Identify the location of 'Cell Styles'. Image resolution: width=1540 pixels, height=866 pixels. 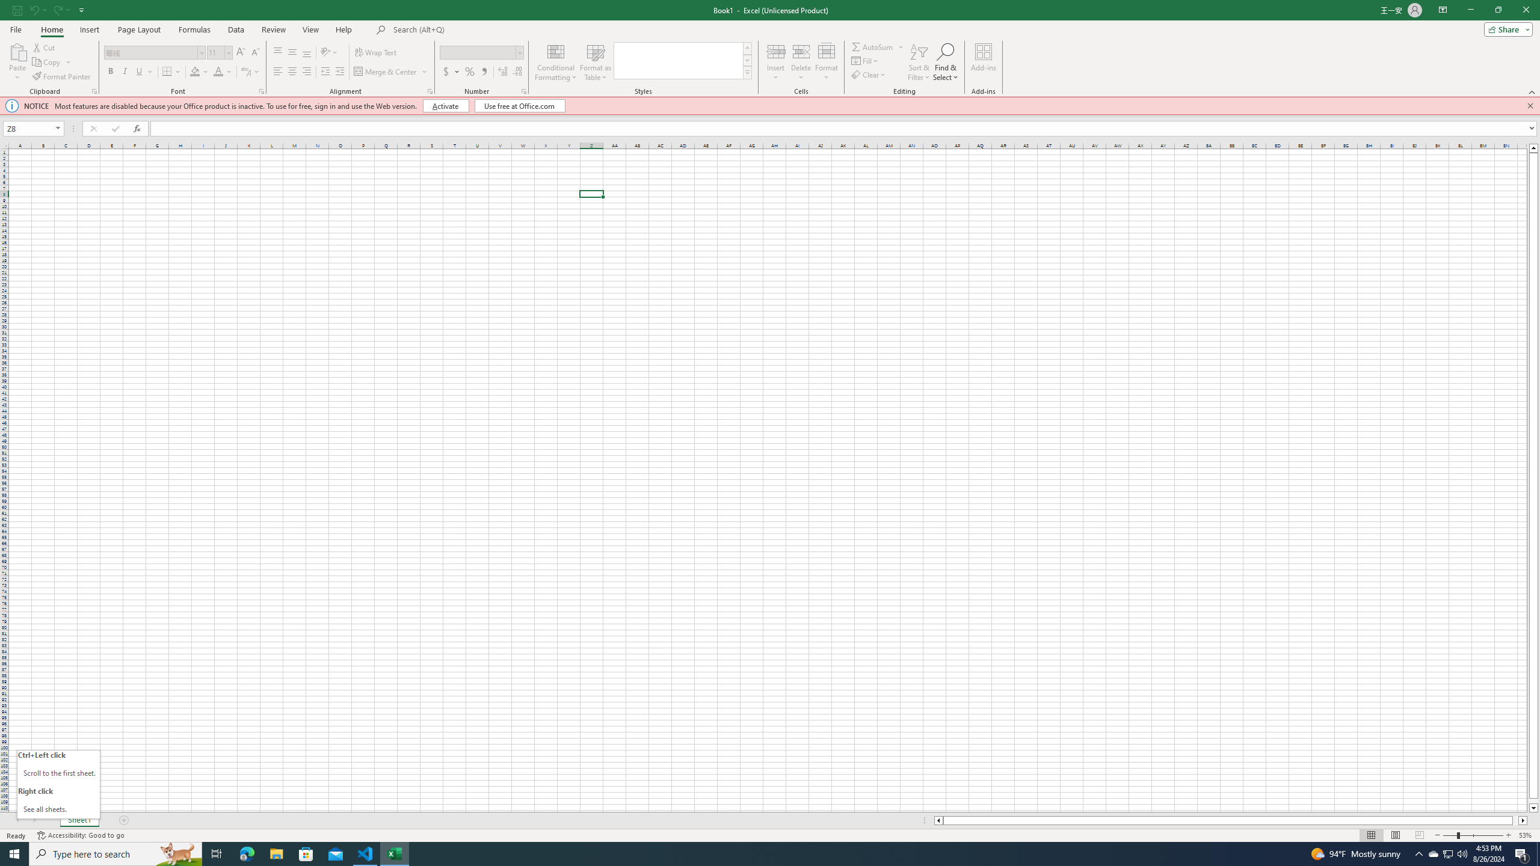
(746, 72).